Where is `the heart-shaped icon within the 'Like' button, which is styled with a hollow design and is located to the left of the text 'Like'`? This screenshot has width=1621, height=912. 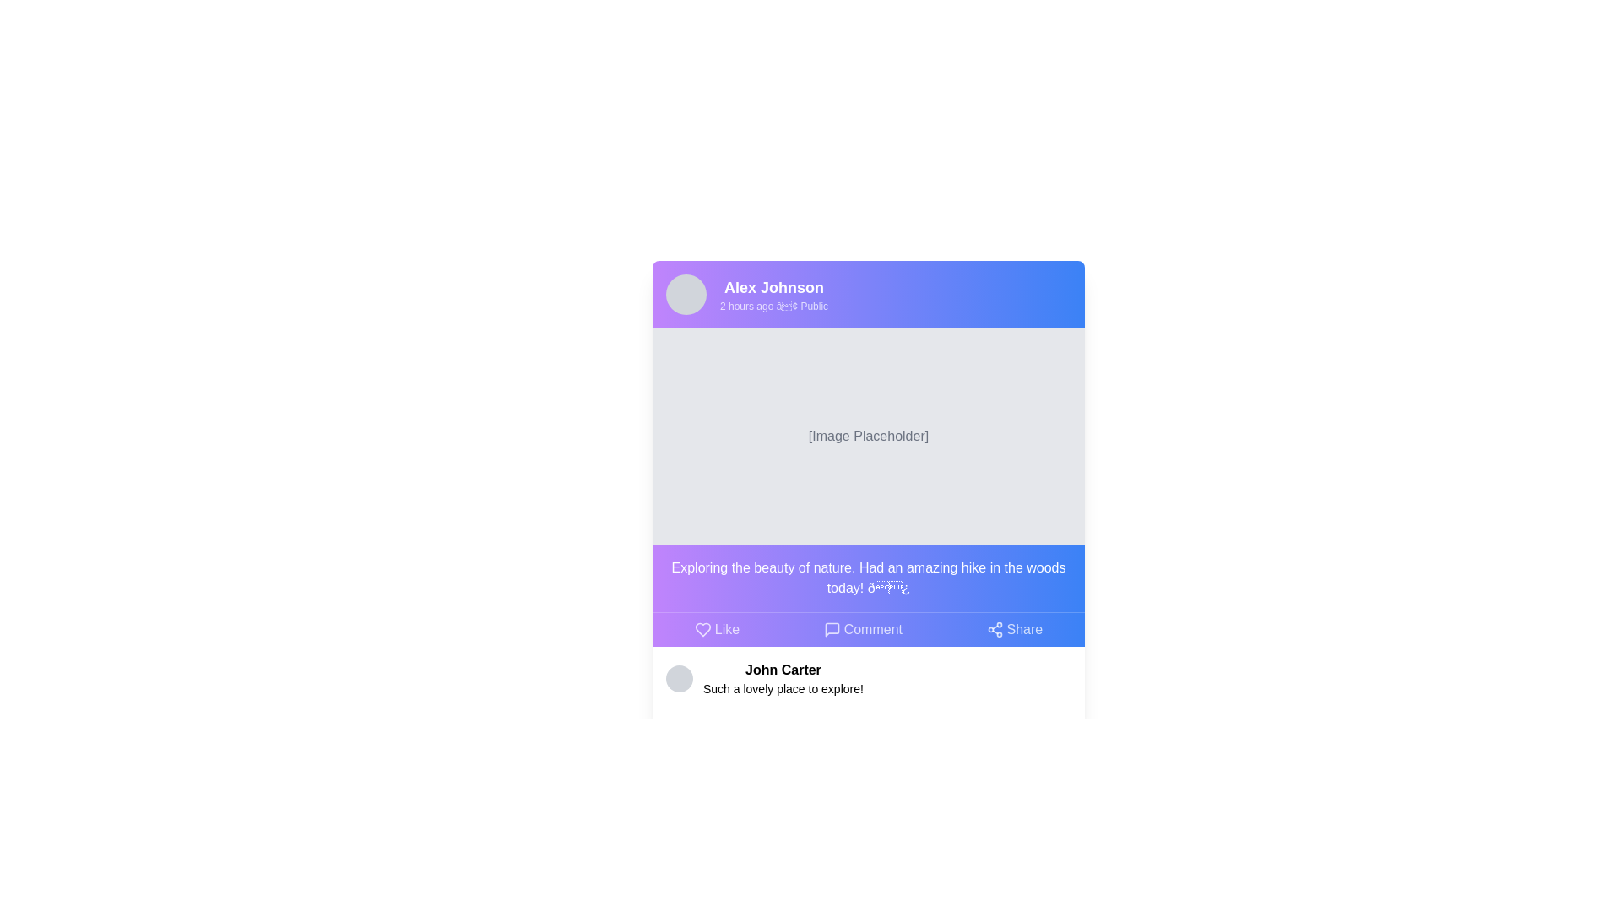 the heart-shaped icon within the 'Like' button, which is styled with a hollow design and is located to the left of the text 'Like' is located at coordinates (702, 629).